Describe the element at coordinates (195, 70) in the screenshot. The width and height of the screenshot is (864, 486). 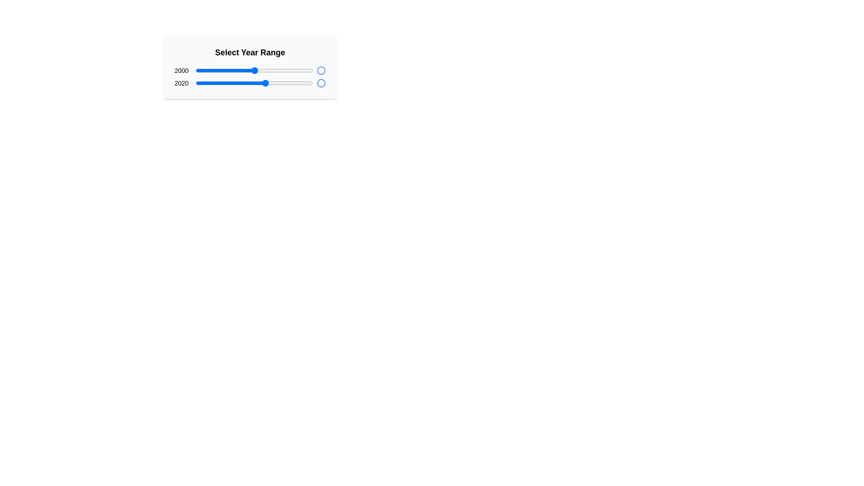
I see `the slider` at that location.